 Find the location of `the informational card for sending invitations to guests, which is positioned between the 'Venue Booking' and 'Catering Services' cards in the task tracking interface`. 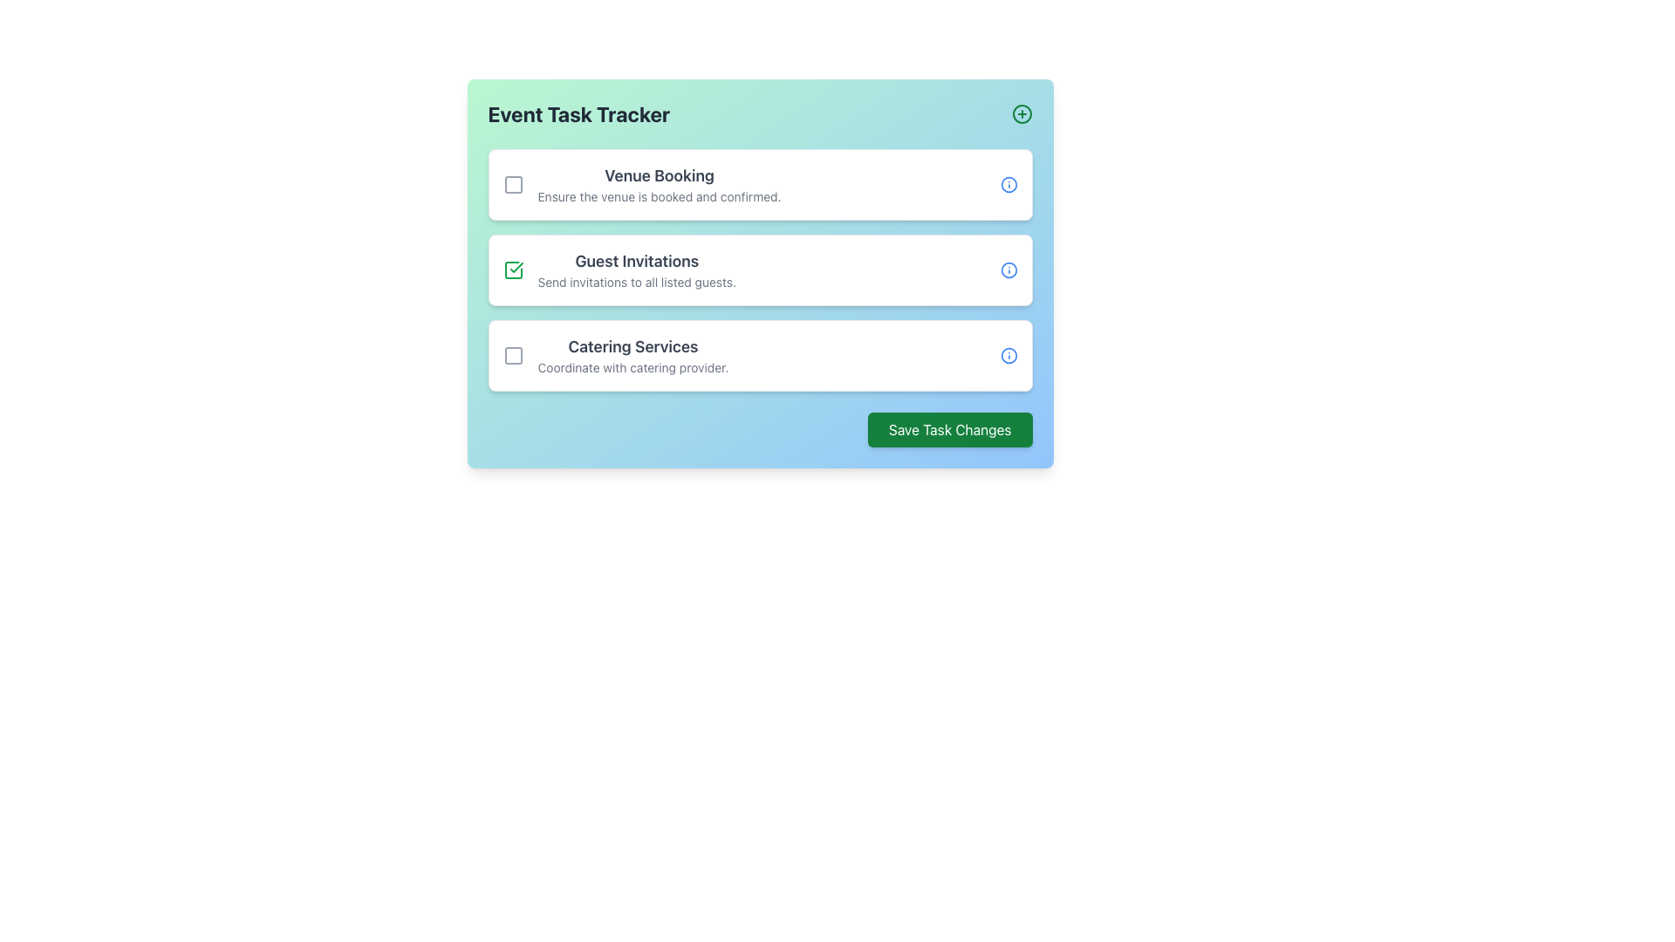

the informational card for sending invitations to guests, which is positioned between the 'Venue Booking' and 'Catering Services' cards in the task tracking interface is located at coordinates (760, 270).